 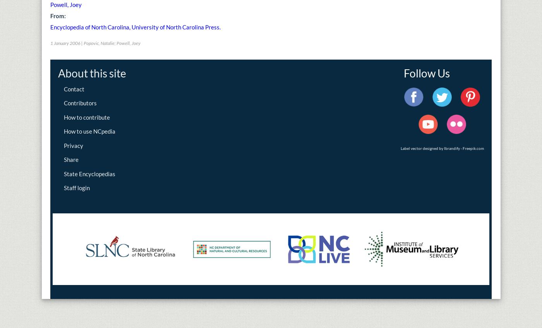 What do you see at coordinates (66, 4) in the screenshot?
I see `'Powell, Joey'` at bounding box center [66, 4].